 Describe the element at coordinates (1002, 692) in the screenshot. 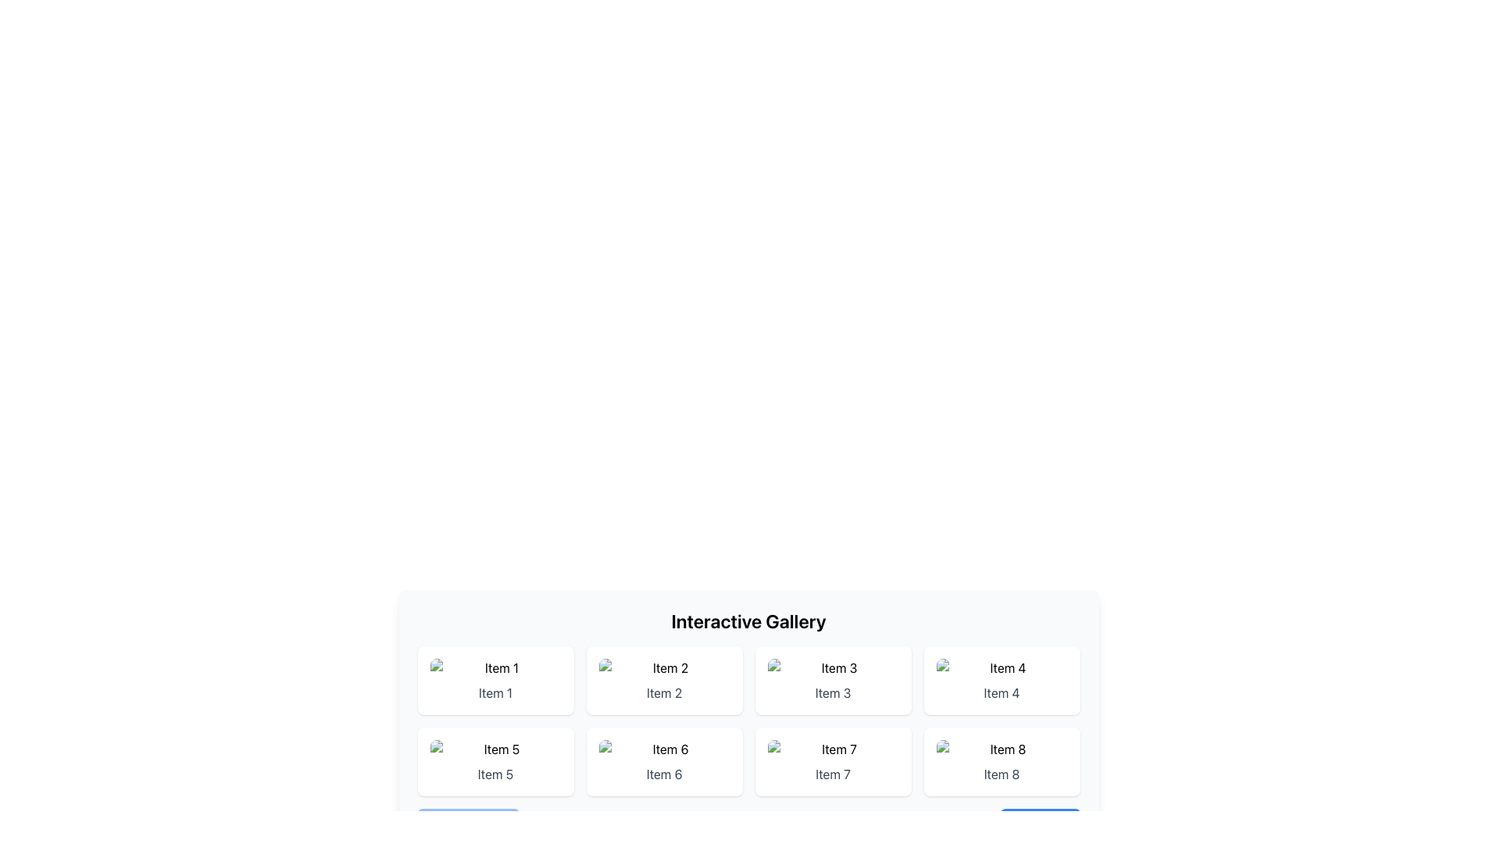

I see `text label displaying 'Item 4' located beneath the corresponding image in the fourth card of a 4x2 grid layout` at that location.